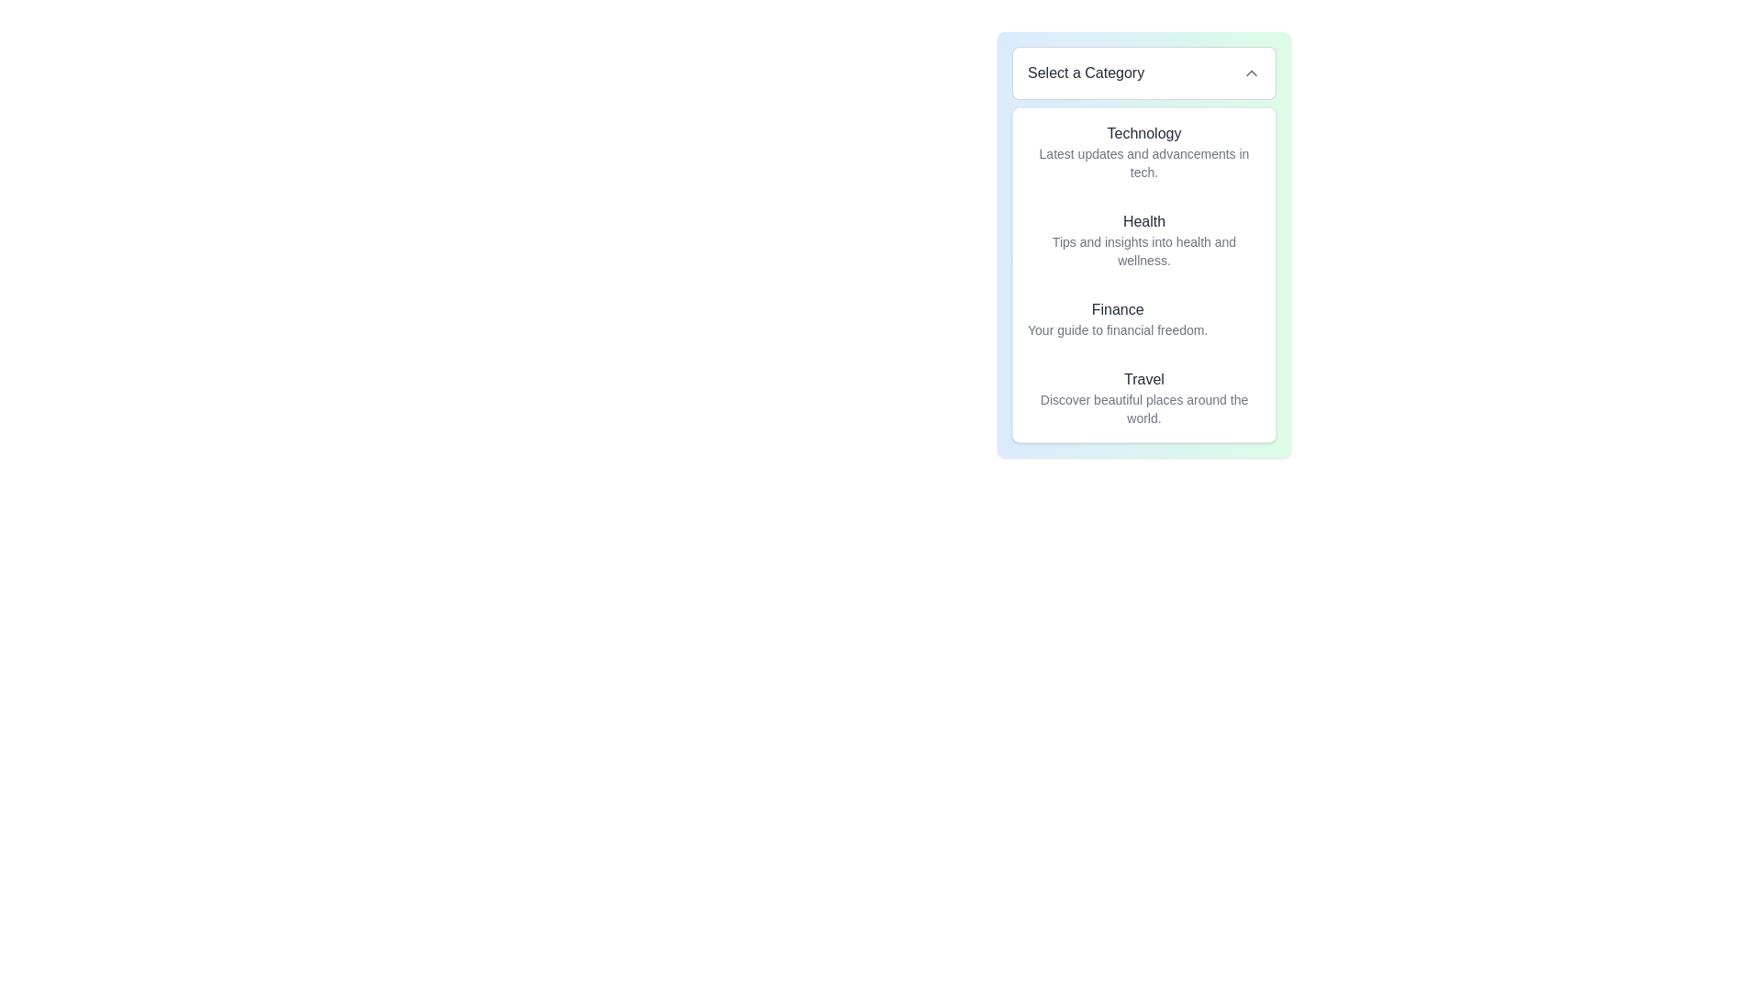 Image resolution: width=1762 pixels, height=991 pixels. Describe the element at coordinates (1143, 397) in the screenshot. I see `the last List item with descriptive text in the vertical list, which is located directly below the 'Finance' option and likely navigates to travel-related content` at that location.